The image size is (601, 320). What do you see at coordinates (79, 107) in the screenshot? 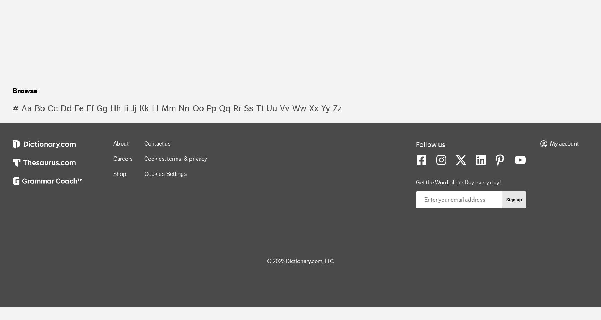
I see `'ee'` at bounding box center [79, 107].